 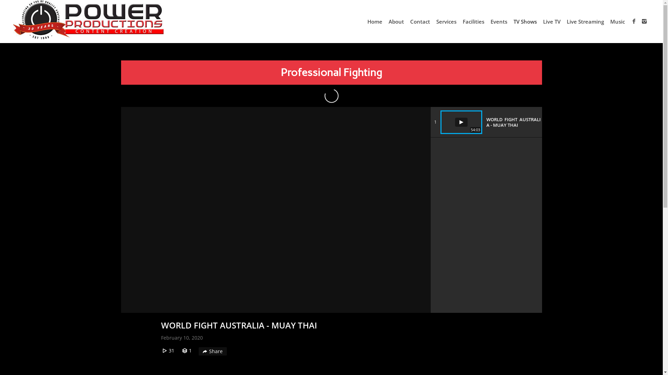 I want to click on 'Services', so click(x=432, y=21).